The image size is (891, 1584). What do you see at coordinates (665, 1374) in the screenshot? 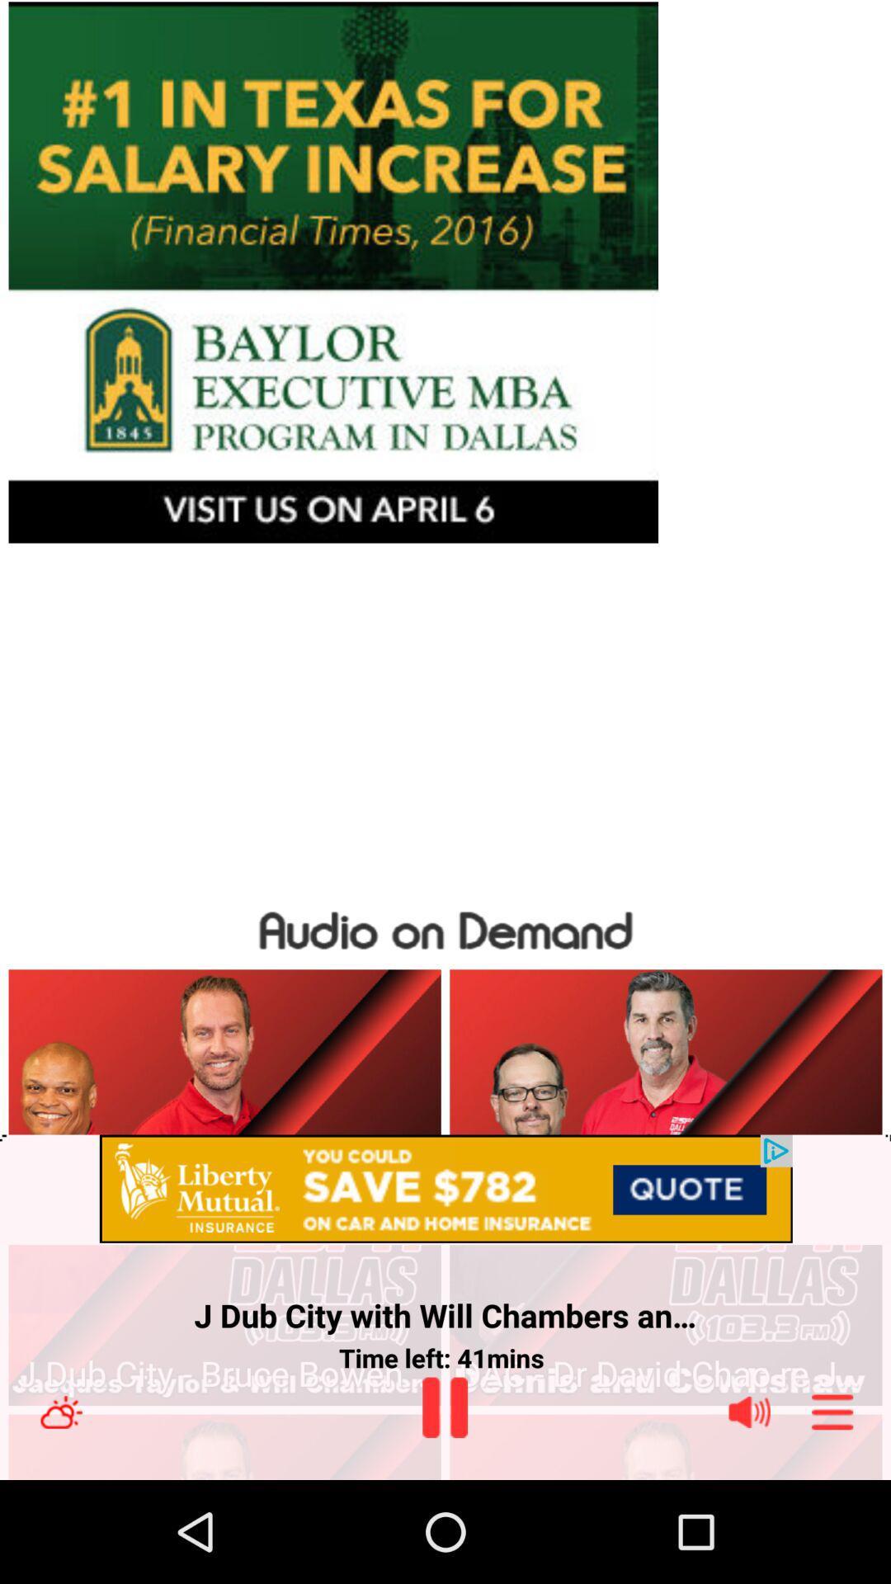
I see `the dac dr david app` at bounding box center [665, 1374].